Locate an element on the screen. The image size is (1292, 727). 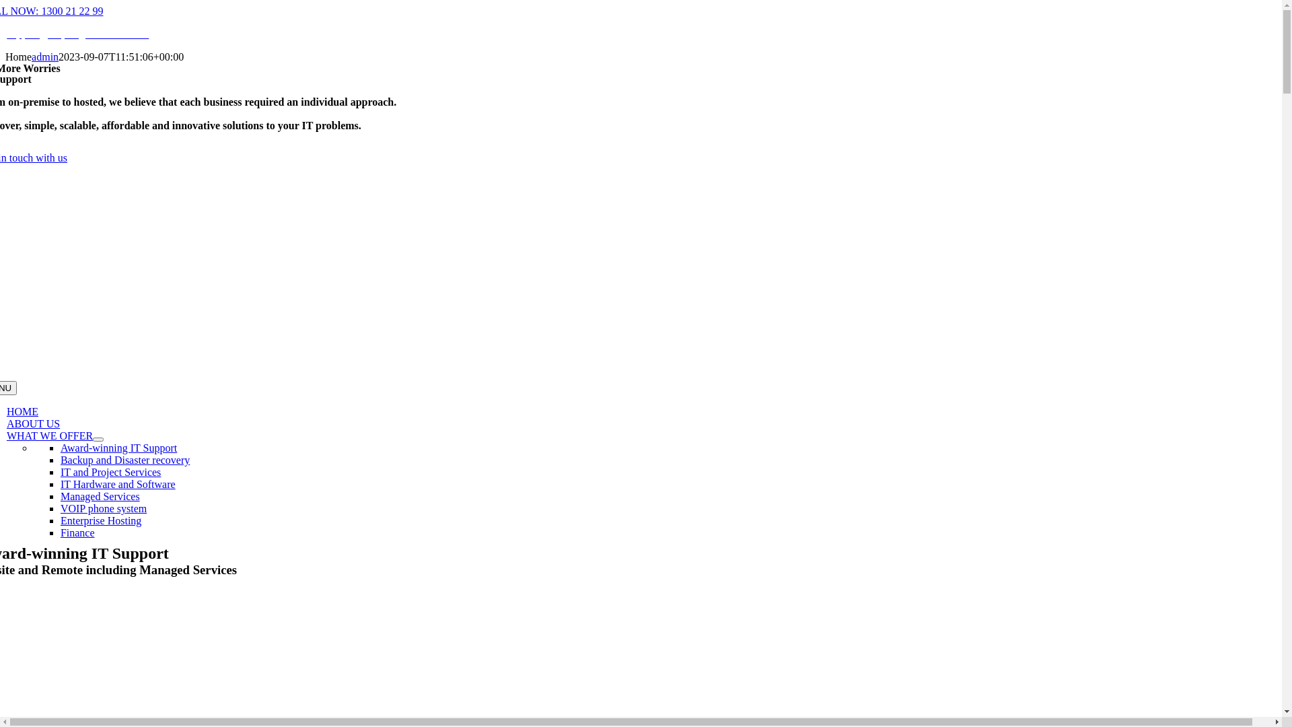
'Enterprise Hosting' is located at coordinates (100, 520).